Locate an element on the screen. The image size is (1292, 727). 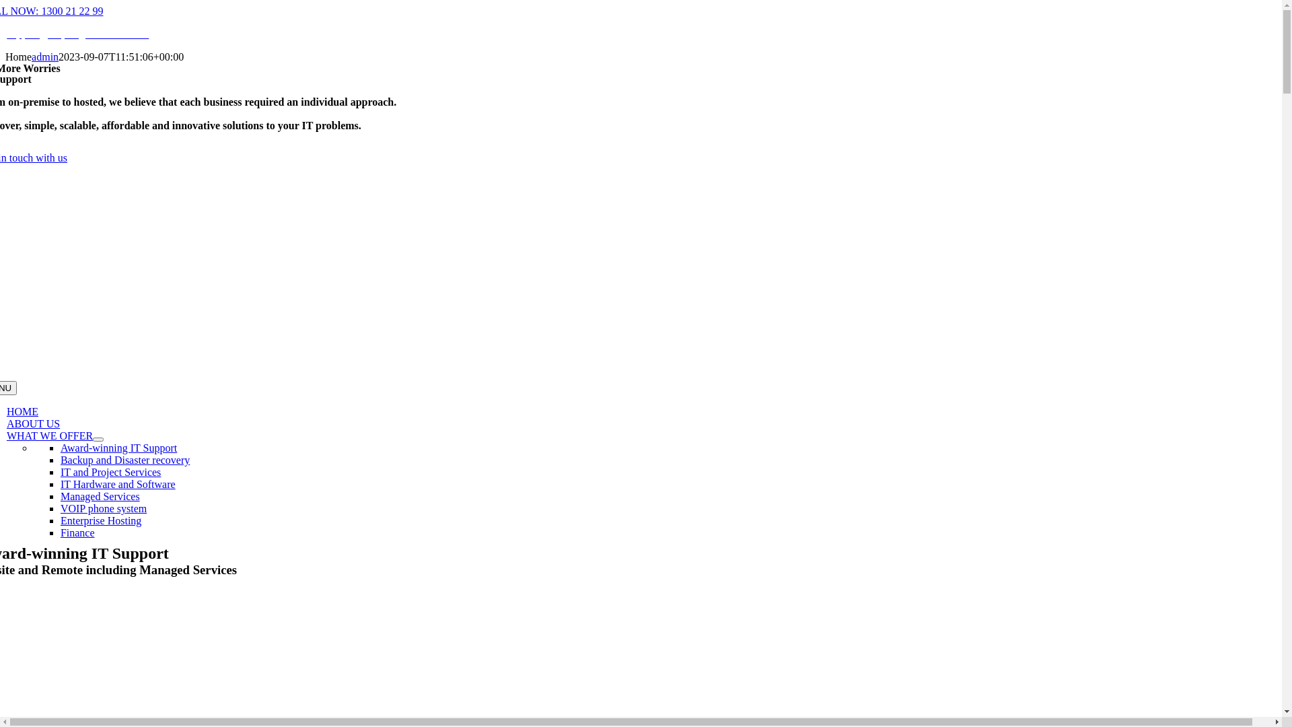
'Enterprise Hosting' is located at coordinates (100, 520).